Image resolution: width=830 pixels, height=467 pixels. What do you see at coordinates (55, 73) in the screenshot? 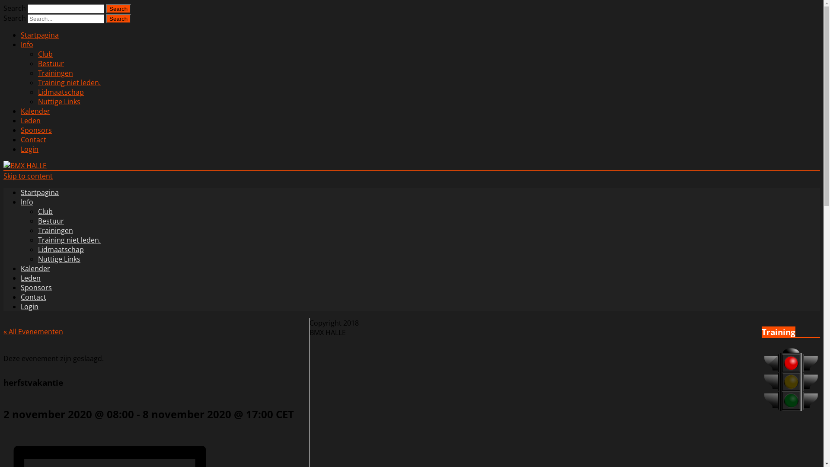
I see `'Trainingen'` at bounding box center [55, 73].